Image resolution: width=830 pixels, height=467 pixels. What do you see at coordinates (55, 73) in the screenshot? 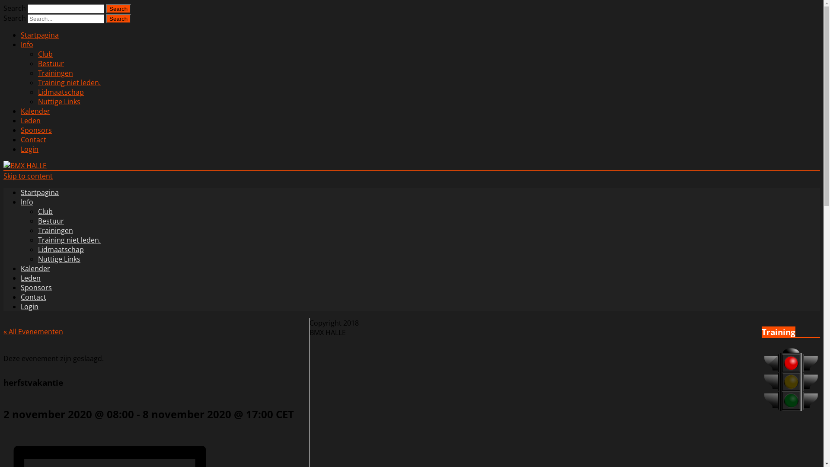
I see `'Trainingen'` at bounding box center [55, 73].